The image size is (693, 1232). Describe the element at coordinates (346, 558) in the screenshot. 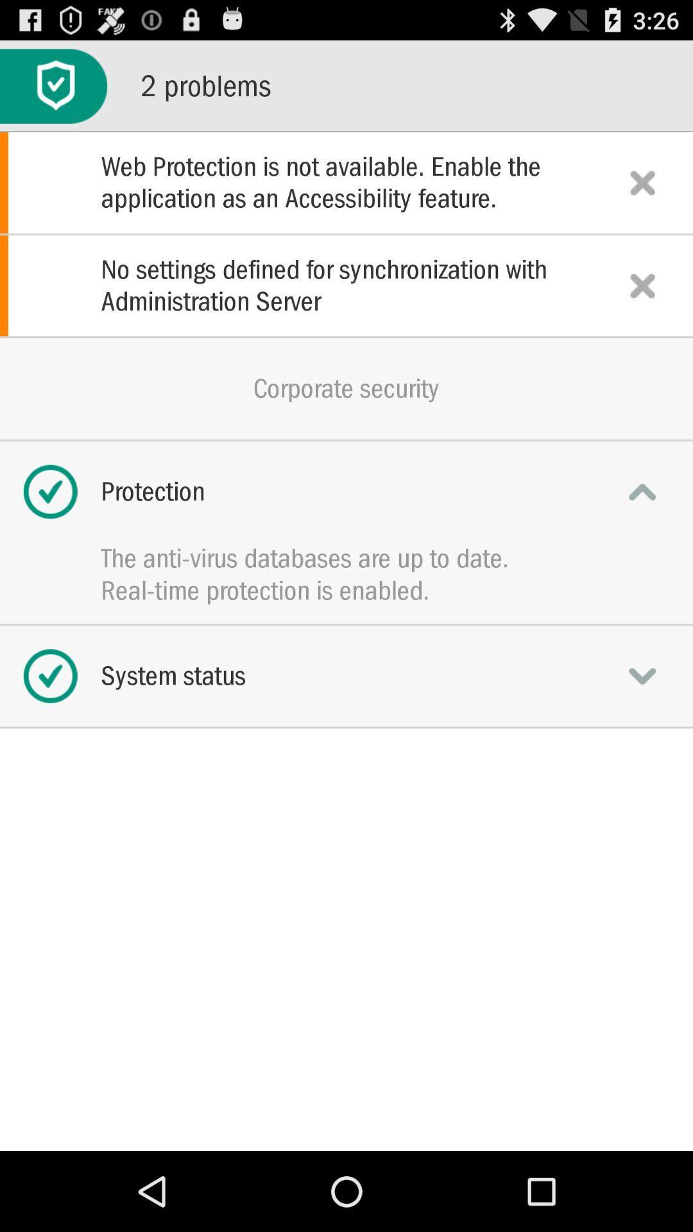

I see `the anti virus app` at that location.